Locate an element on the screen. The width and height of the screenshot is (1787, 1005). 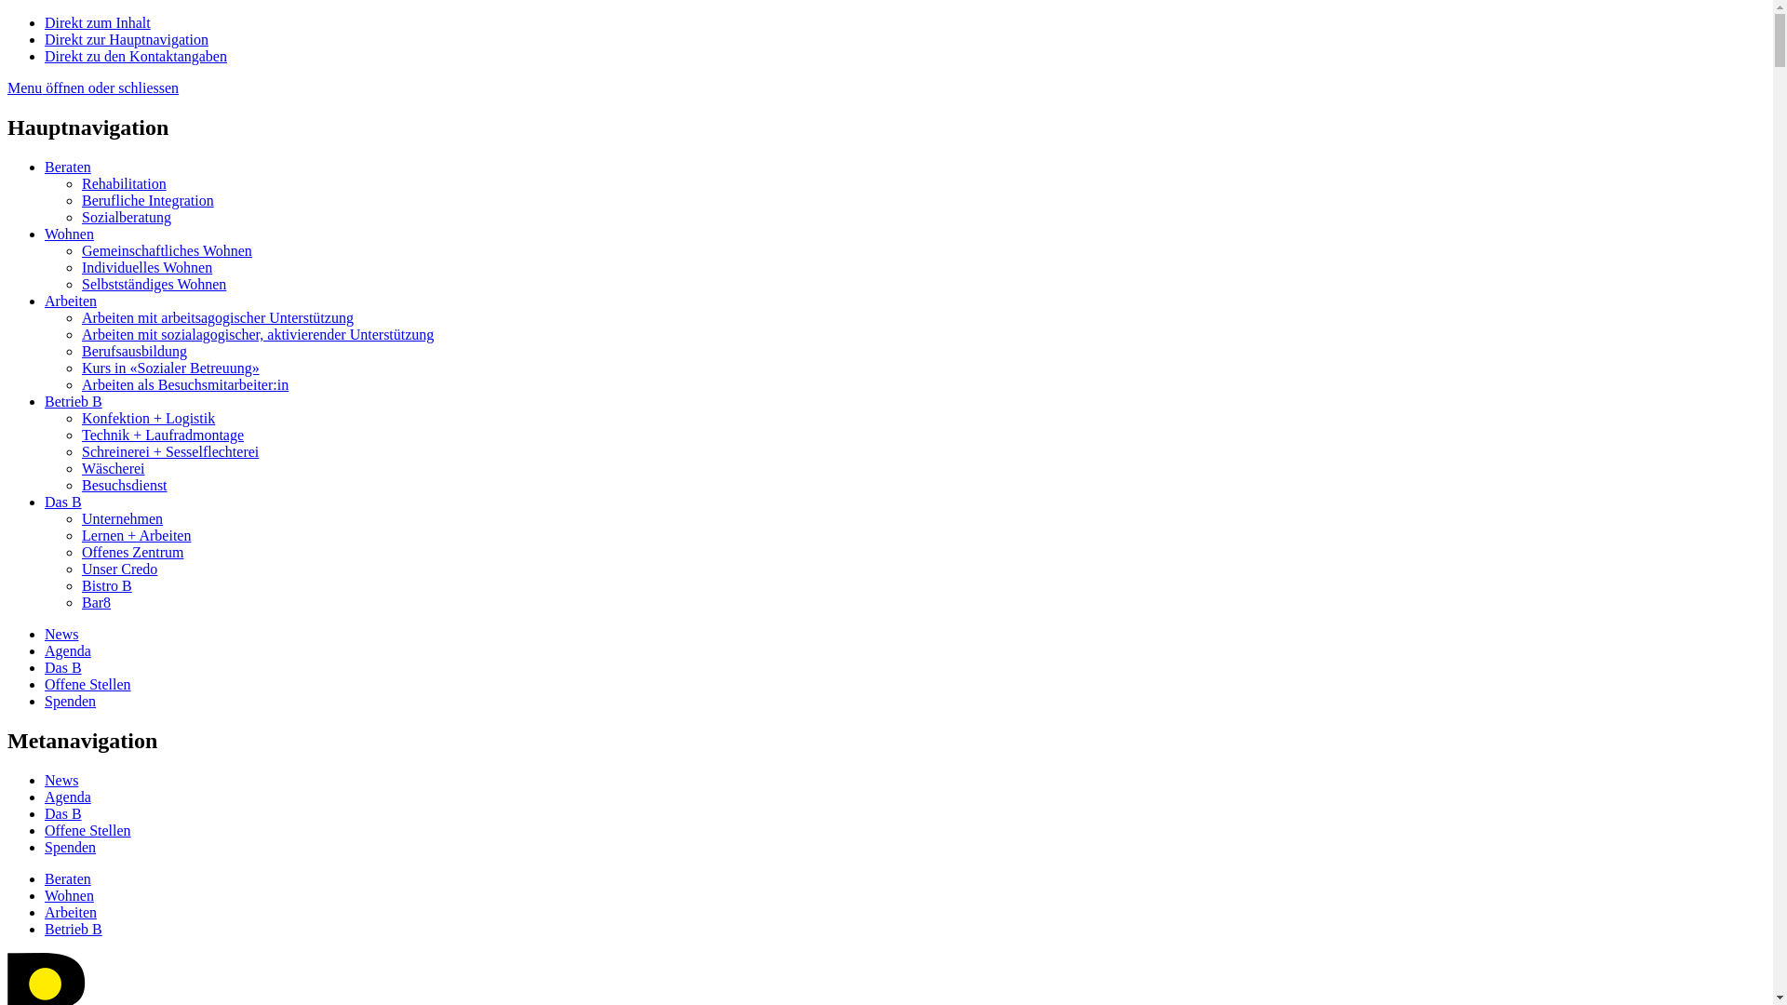
'Sozialberatung' is located at coordinates (125, 216).